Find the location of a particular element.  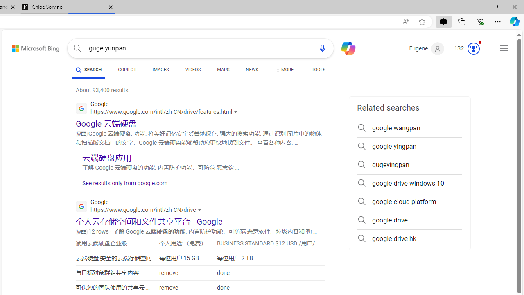

'VIDEOS' is located at coordinates (192, 70).